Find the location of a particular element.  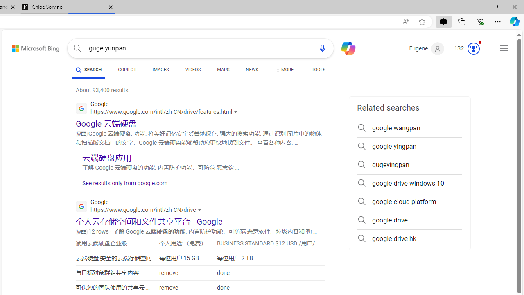

'VIDEOS' is located at coordinates (192, 70).